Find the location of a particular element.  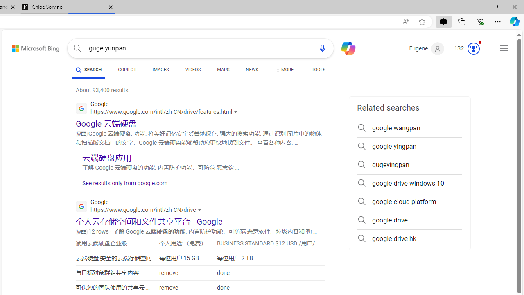

'VIDEOS' is located at coordinates (192, 70).